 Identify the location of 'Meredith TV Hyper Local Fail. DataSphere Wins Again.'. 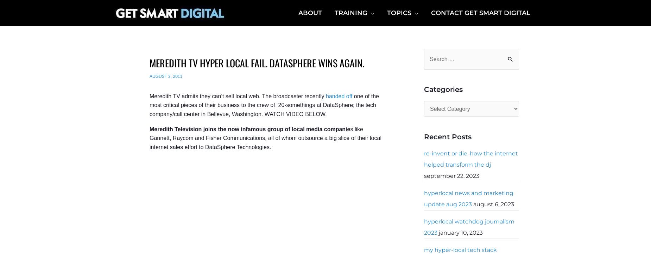
(257, 62).